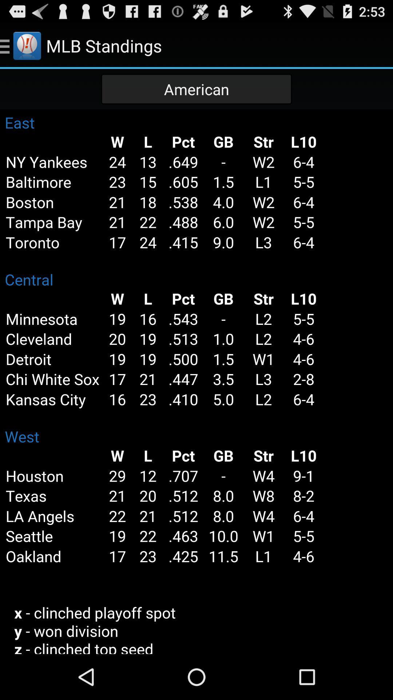 The image size is (393, 700). I want to click on team 's standings, so click(196, 381).